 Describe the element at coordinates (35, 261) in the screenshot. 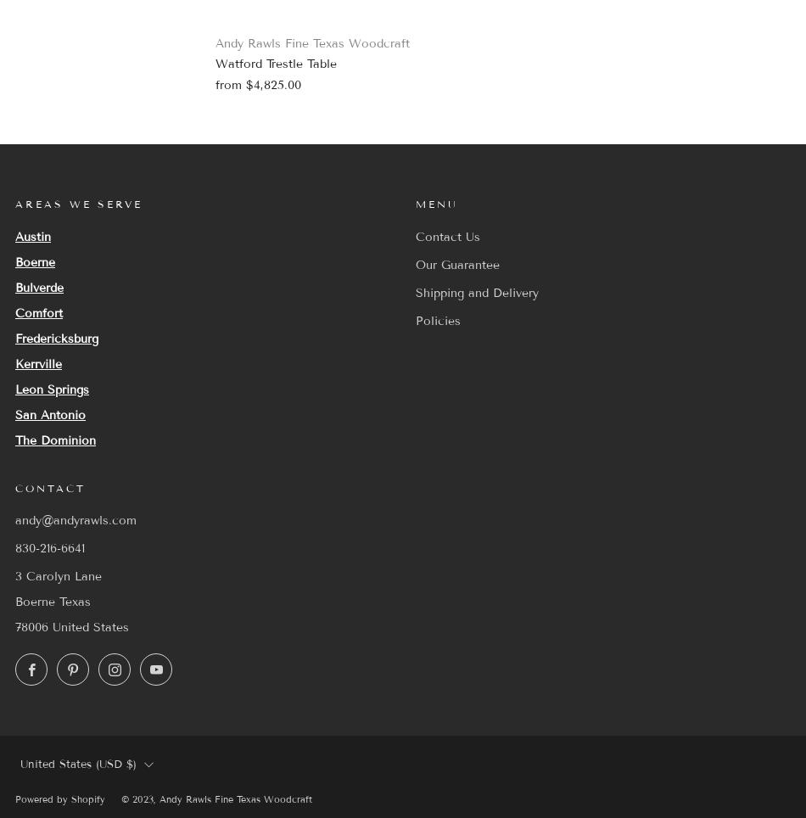

I see `'Boerne'` at that location.